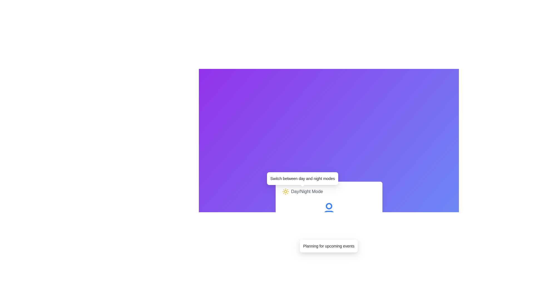 This screenshot has width=534, height=300. I want to click on the white text label reading 'Planning for upcoming events.' which is centered within a card interface at the lower portion of the display, so click(329, 246).